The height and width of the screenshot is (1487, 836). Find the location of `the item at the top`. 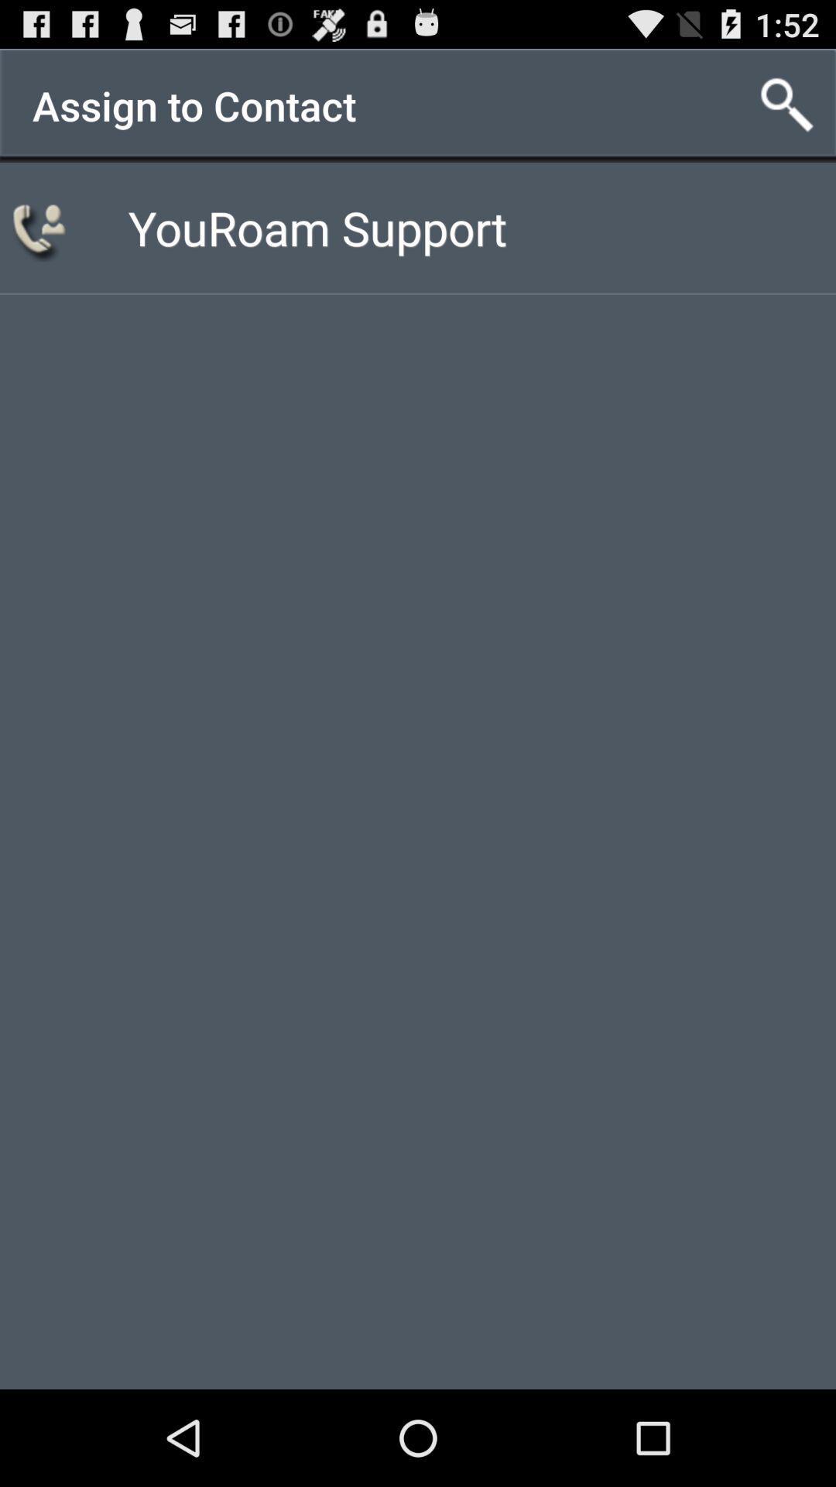

the item at the top is located at coordinates (317, 226).